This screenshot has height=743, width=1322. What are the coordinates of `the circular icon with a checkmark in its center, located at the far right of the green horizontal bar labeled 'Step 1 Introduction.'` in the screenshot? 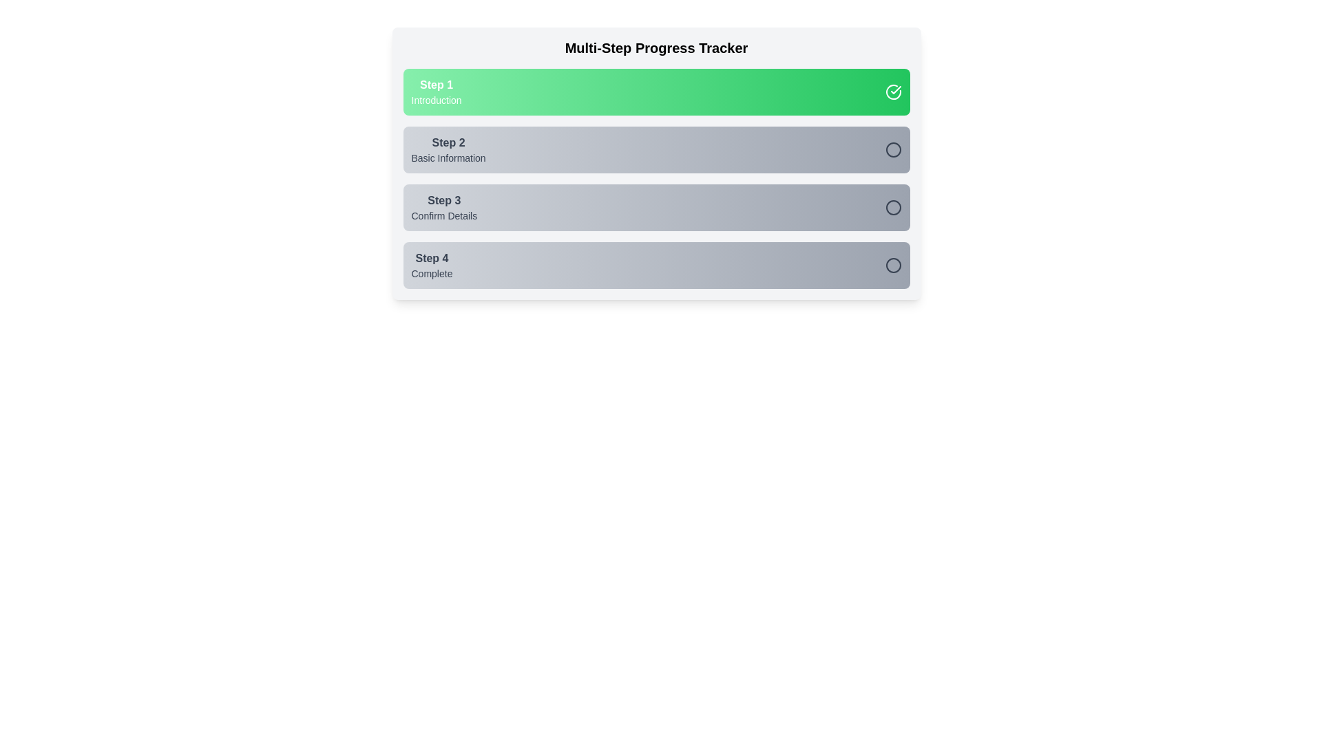 It's located at (893, 92).